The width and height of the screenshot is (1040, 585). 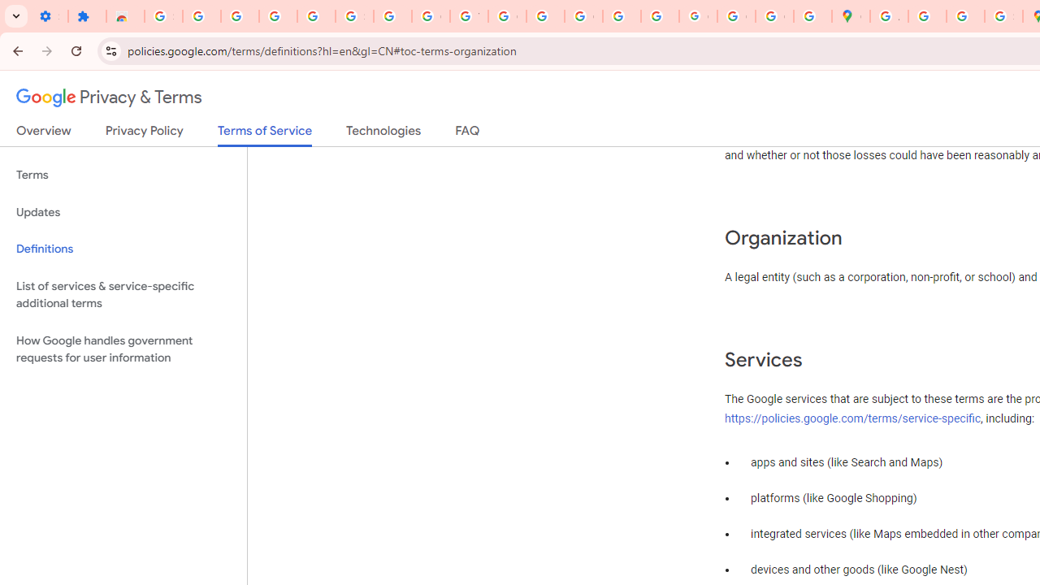 What do you see at coordinates (86, 16) in the screenshot?
I see `'Extensions'` at bounding box center [86, 16].